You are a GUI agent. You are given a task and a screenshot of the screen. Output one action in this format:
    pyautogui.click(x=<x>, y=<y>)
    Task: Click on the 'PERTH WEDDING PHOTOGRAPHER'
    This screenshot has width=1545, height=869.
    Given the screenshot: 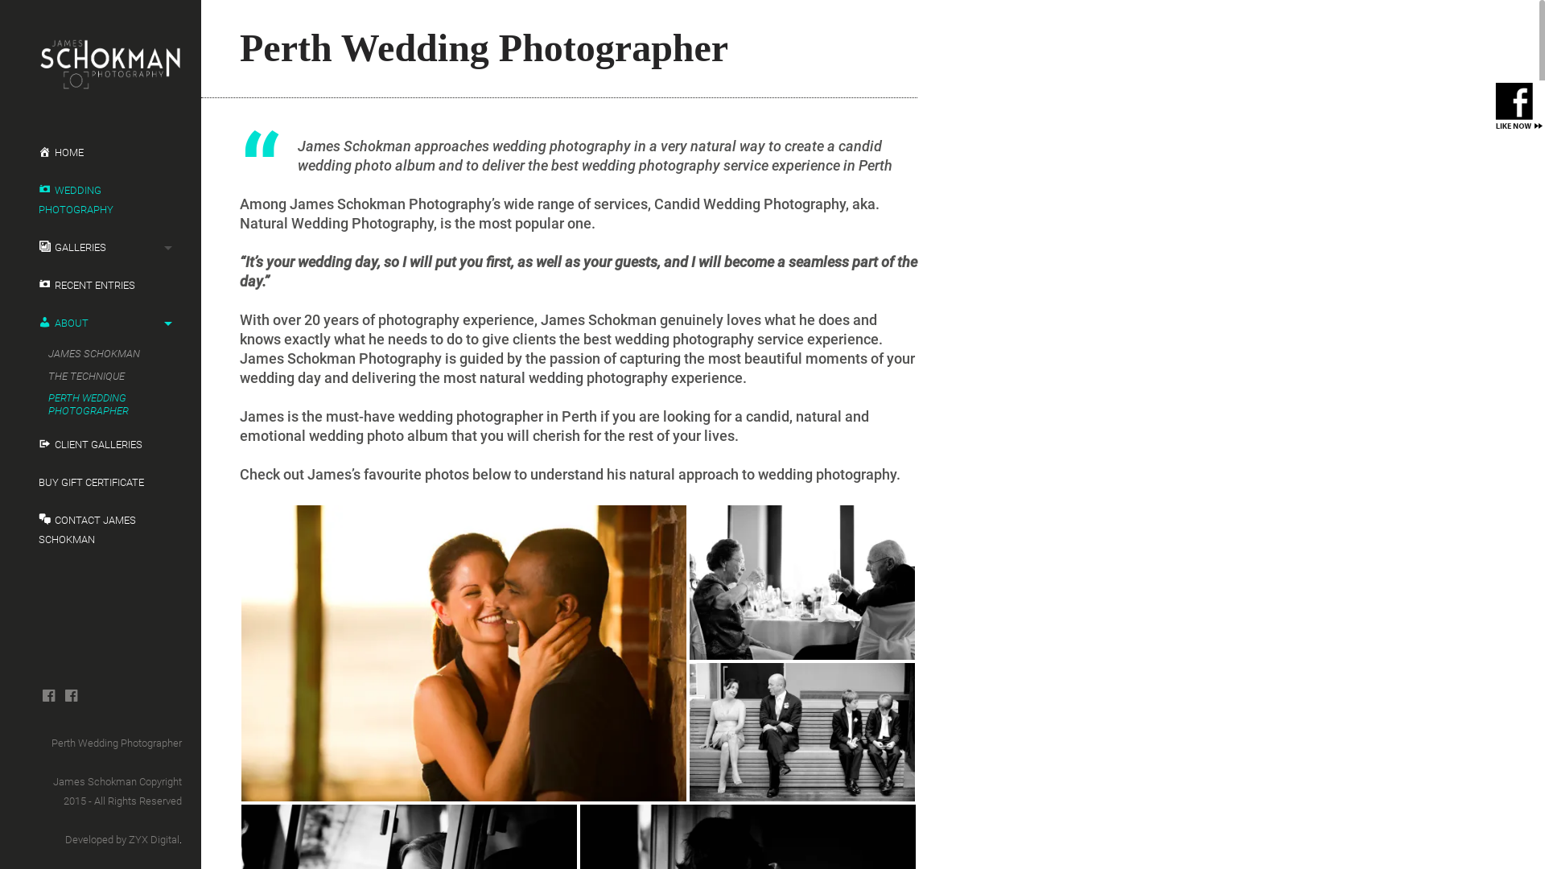 What is the action you would take?
    pyautogui.click(x=104, y=403)
    